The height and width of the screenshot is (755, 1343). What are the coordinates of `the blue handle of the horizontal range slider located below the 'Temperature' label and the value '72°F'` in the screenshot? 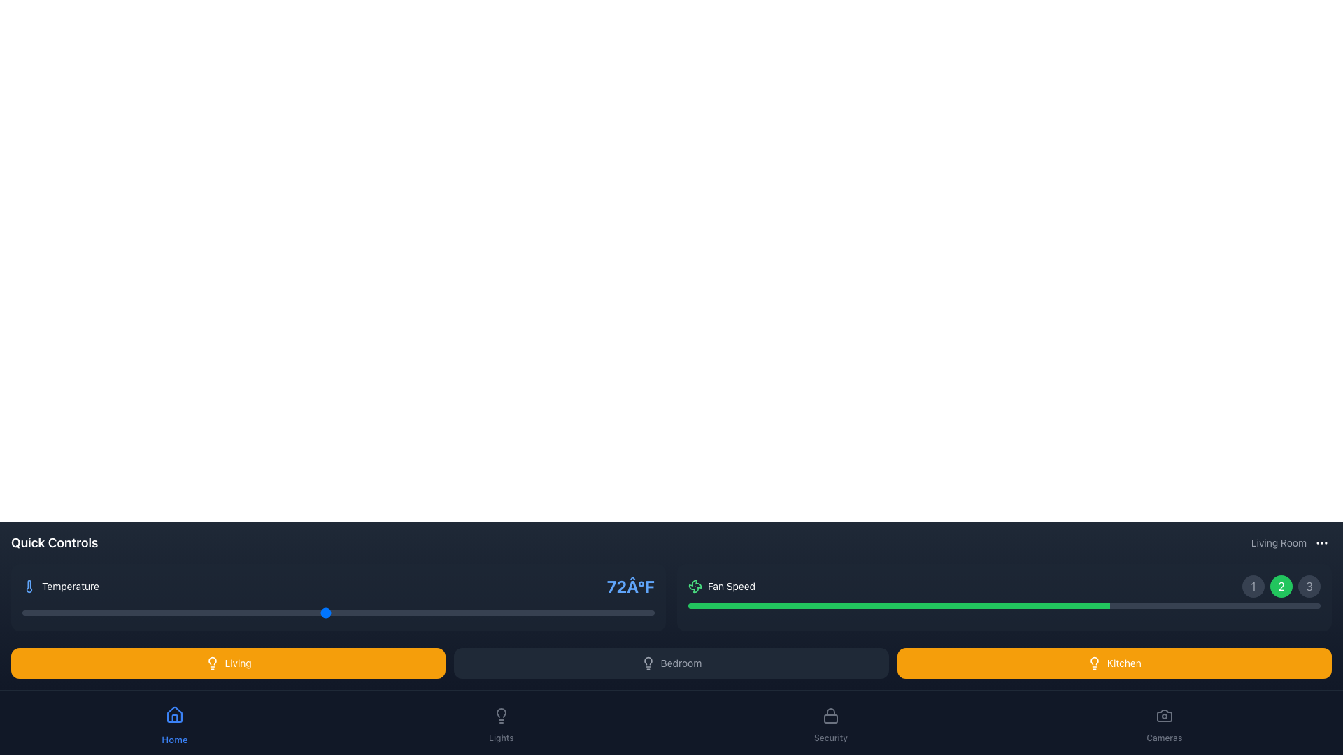 It's located at (339, 612).